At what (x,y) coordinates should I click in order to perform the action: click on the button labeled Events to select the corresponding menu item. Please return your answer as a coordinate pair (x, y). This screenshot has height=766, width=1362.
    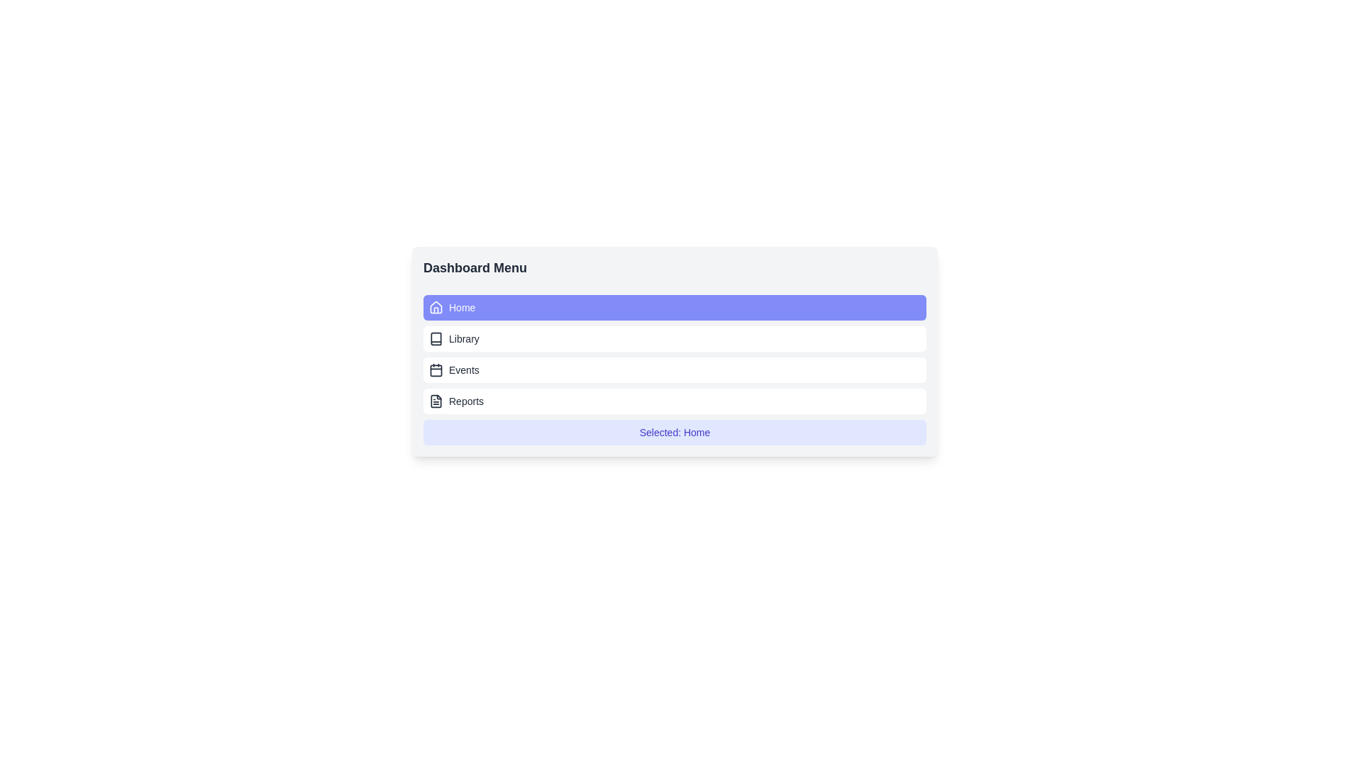
    Looking at the image, I should click on (674, 369).